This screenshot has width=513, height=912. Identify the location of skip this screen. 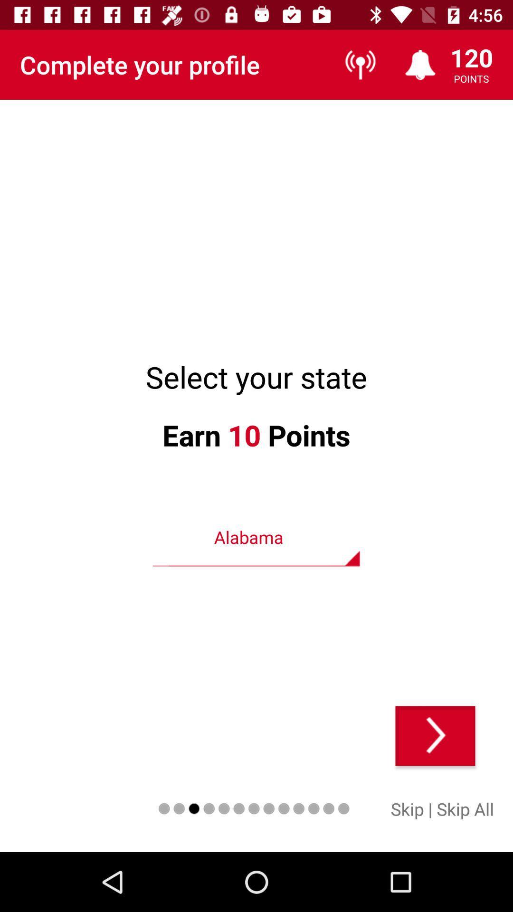
(435, 735).